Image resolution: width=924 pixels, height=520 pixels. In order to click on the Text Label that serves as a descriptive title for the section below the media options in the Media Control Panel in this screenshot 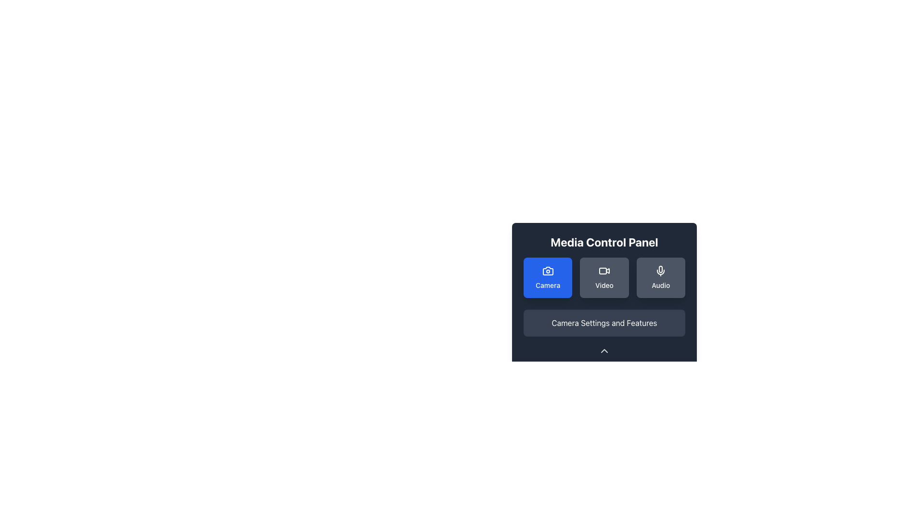, I will do `click(604, 323)`.